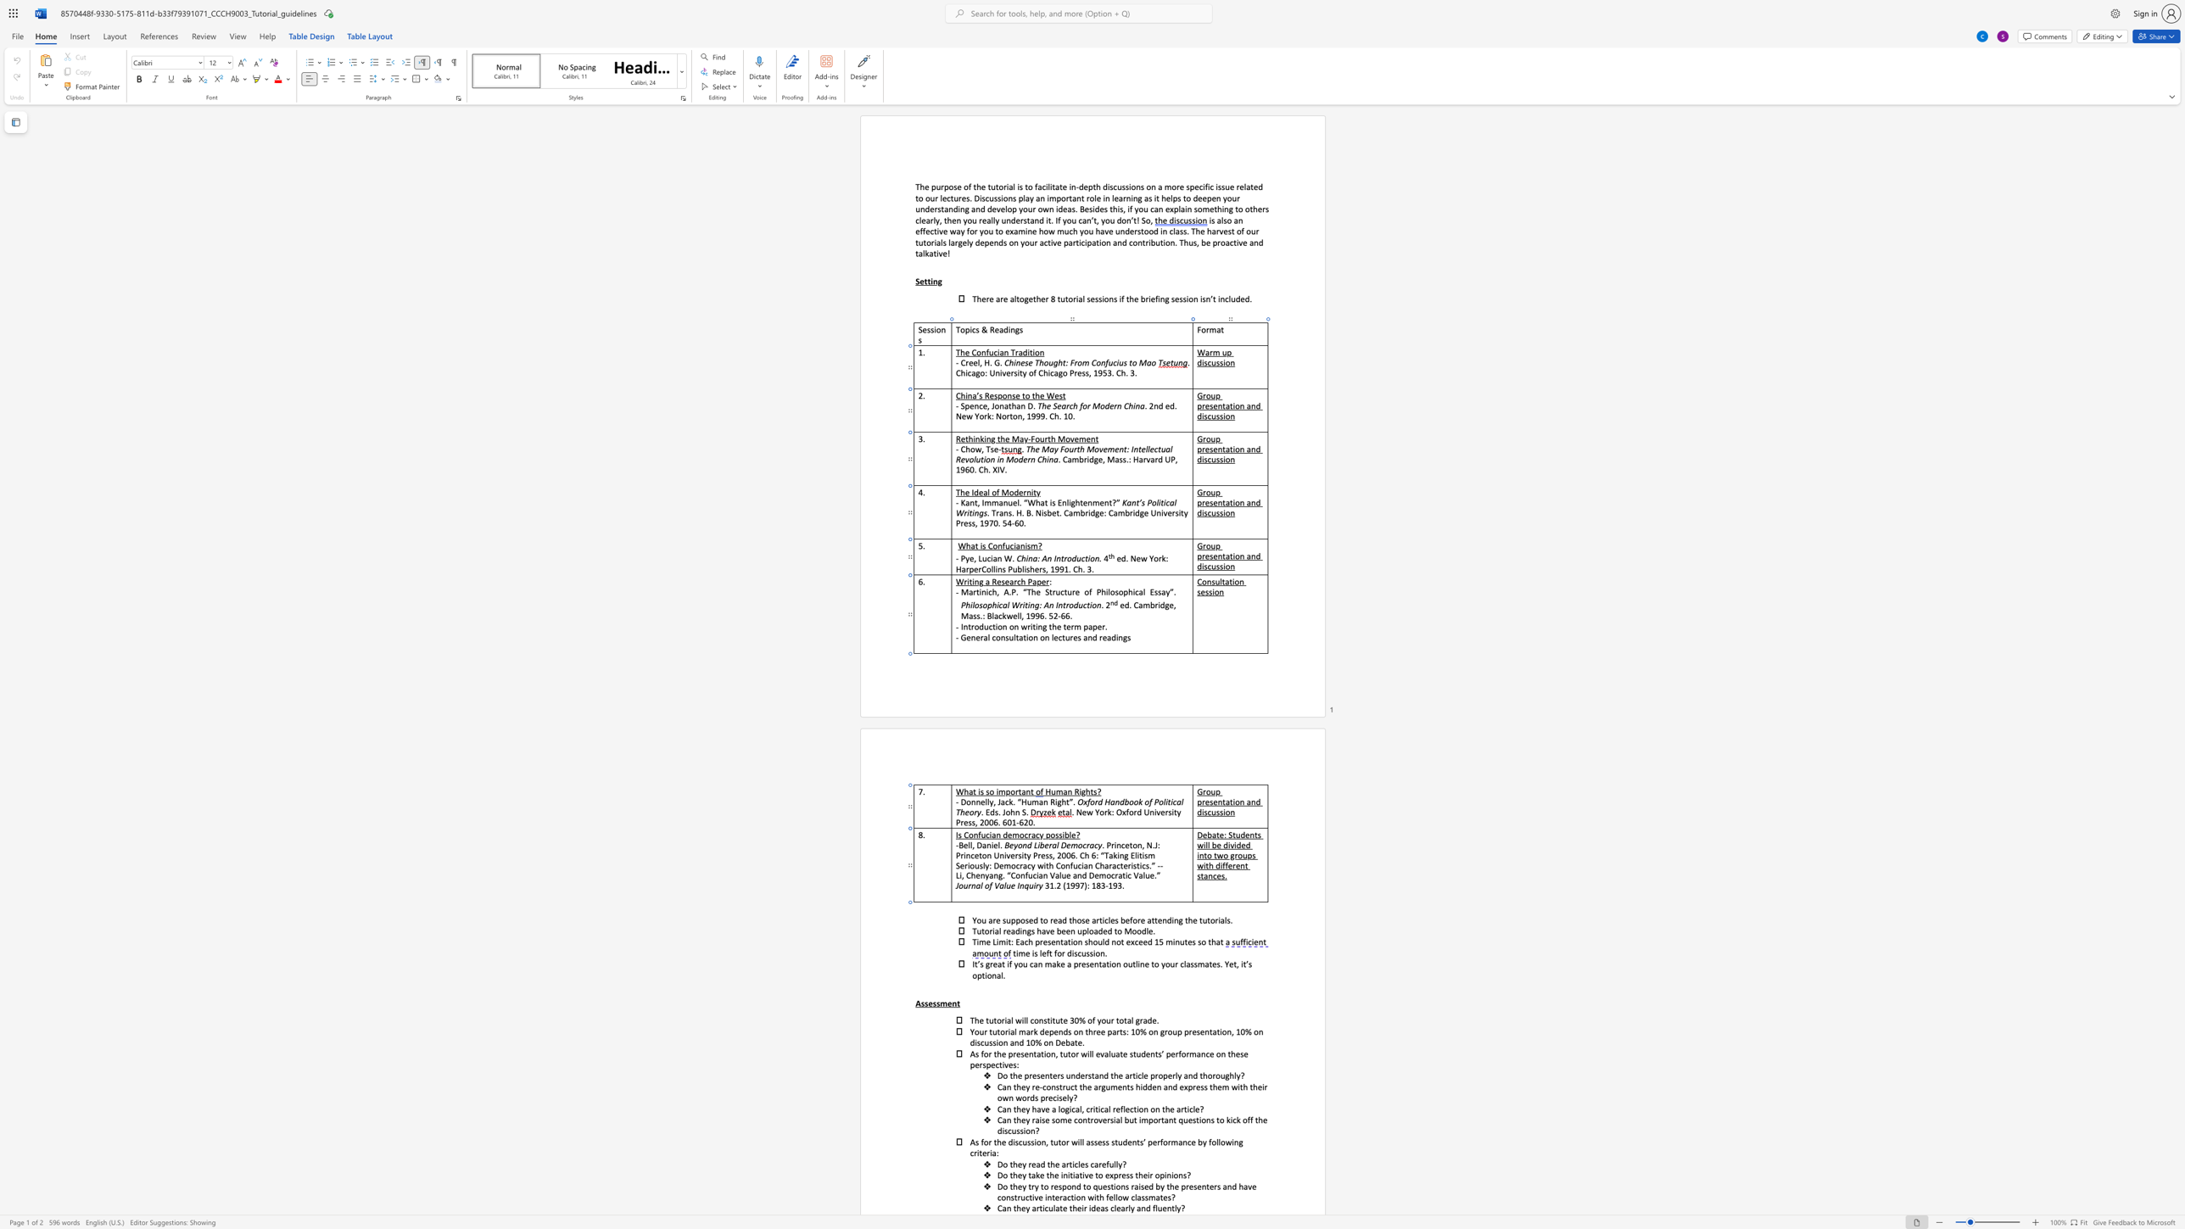 The width and height of the screenshot is (2185, 1229). Describe the element at coordinates (1205, 875) in the screenshot. I see `the 2th character "a" in the text` at that location.